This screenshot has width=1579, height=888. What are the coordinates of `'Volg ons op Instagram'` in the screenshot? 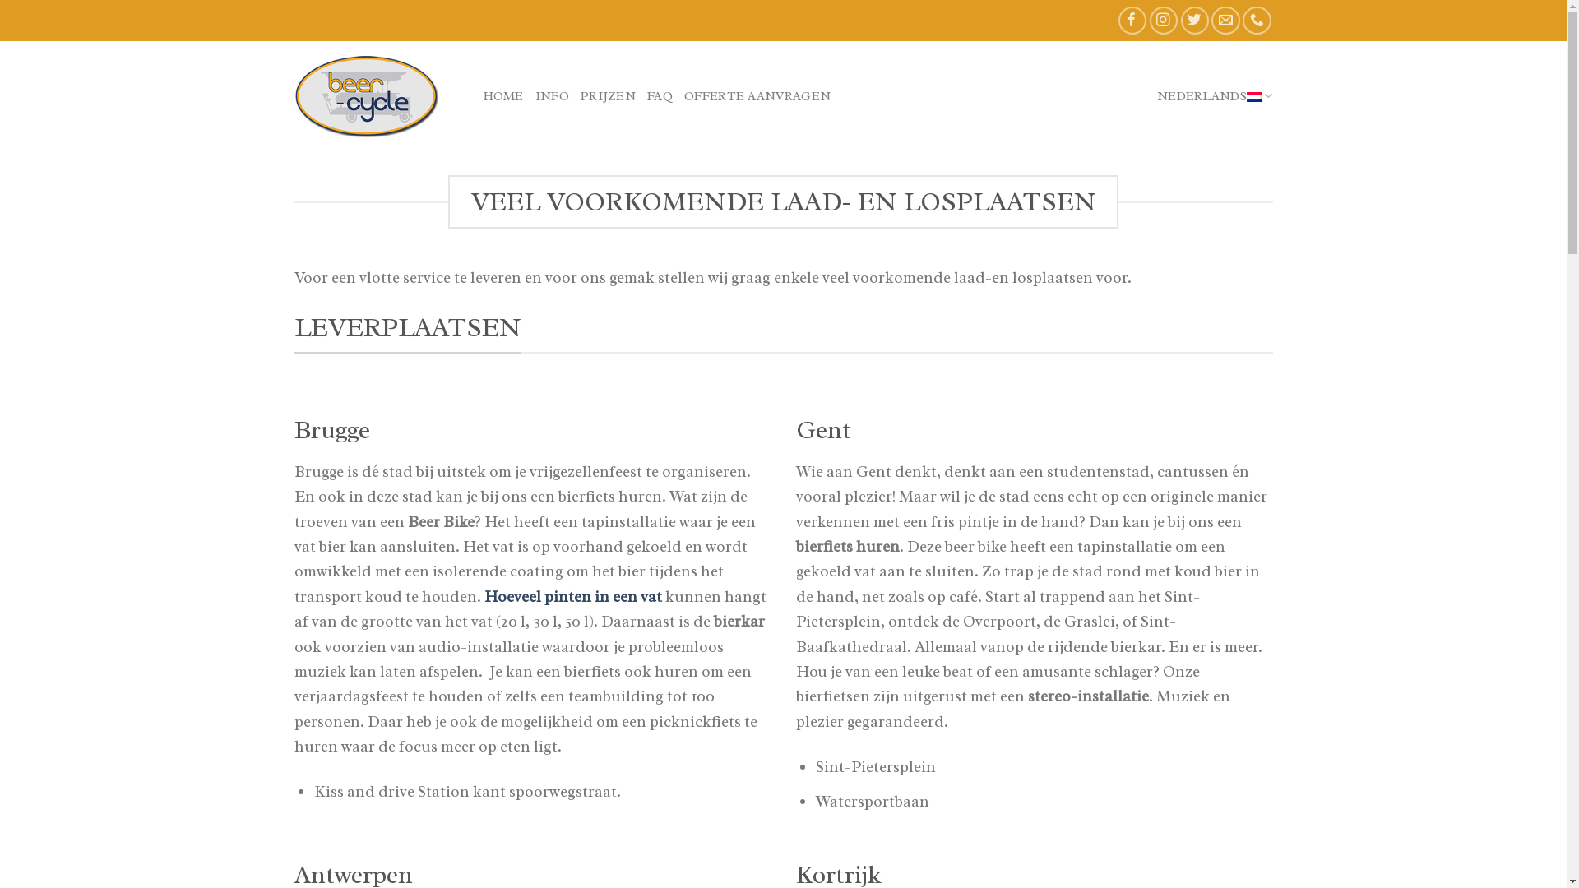 It's located at (1163, 21).